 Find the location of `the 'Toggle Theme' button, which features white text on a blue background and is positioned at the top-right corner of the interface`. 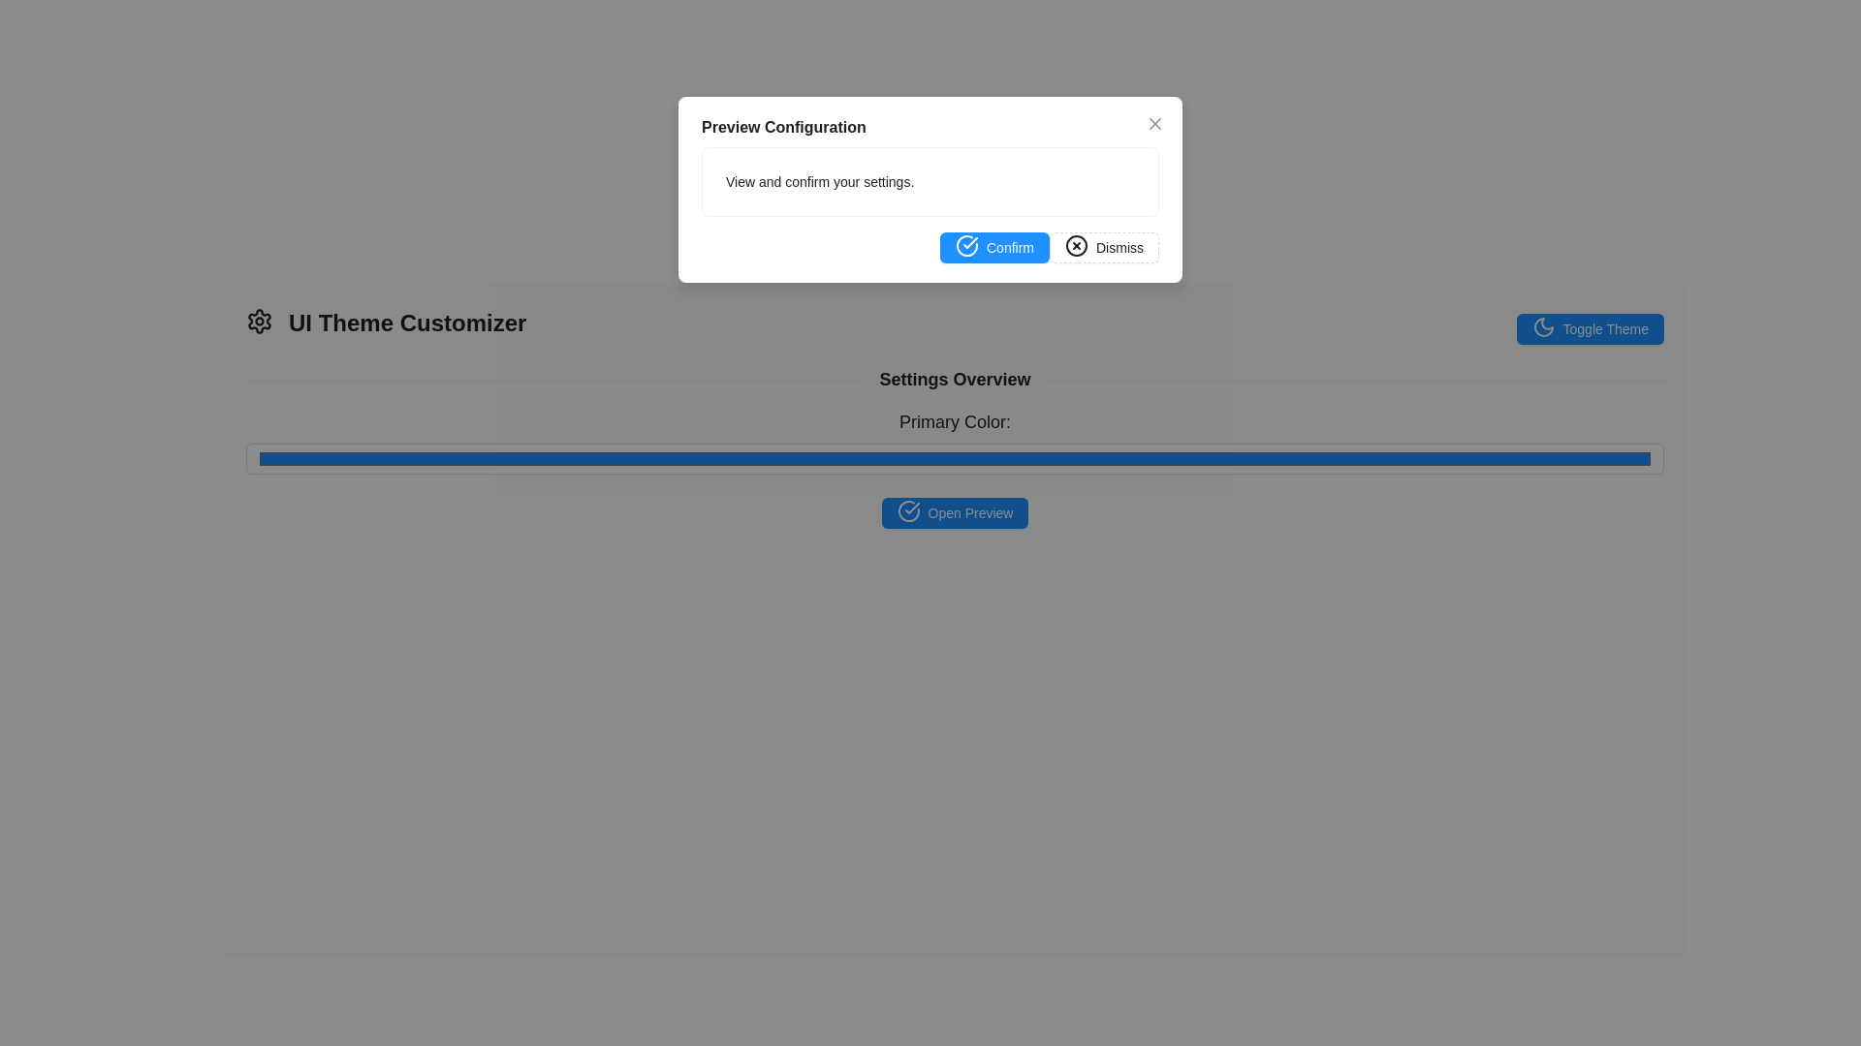

the 'Toggle Theme' button, which features white text on a blue background and is positioned at the top-right corner of the interface is located at coordinates (1605, 327).